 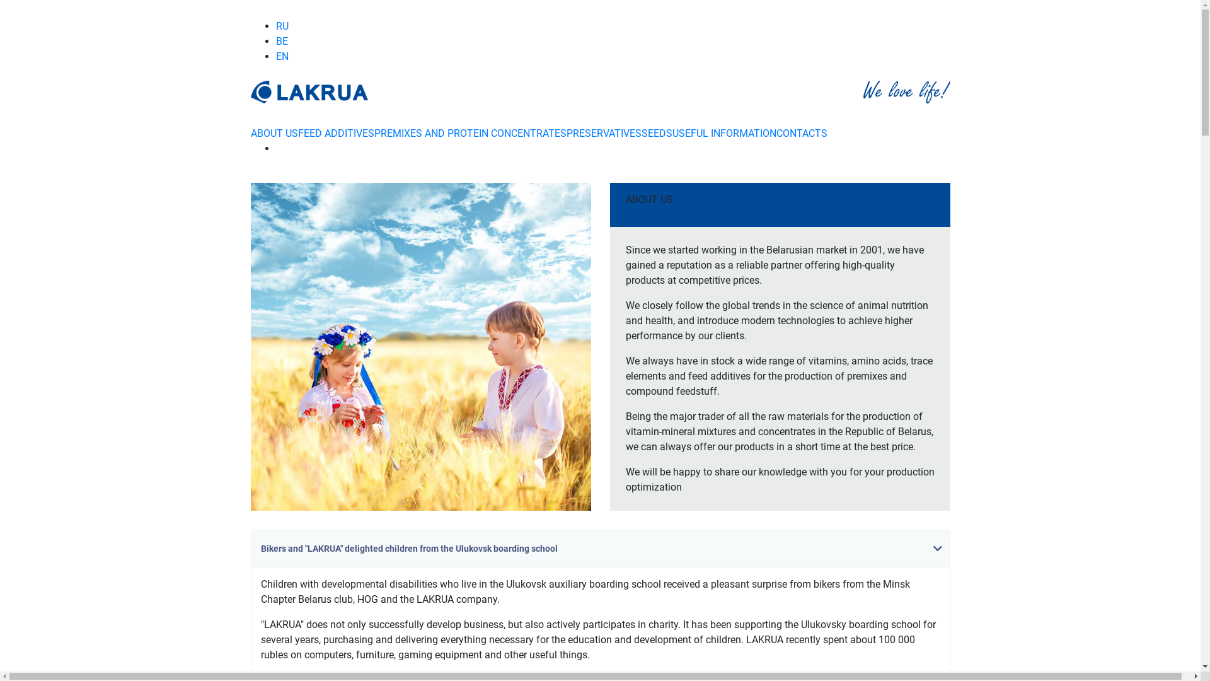 What do you see at coordinates (641, 133) in the screenshot?
I see `'SEEDS'` at bounding box center [641, 133].